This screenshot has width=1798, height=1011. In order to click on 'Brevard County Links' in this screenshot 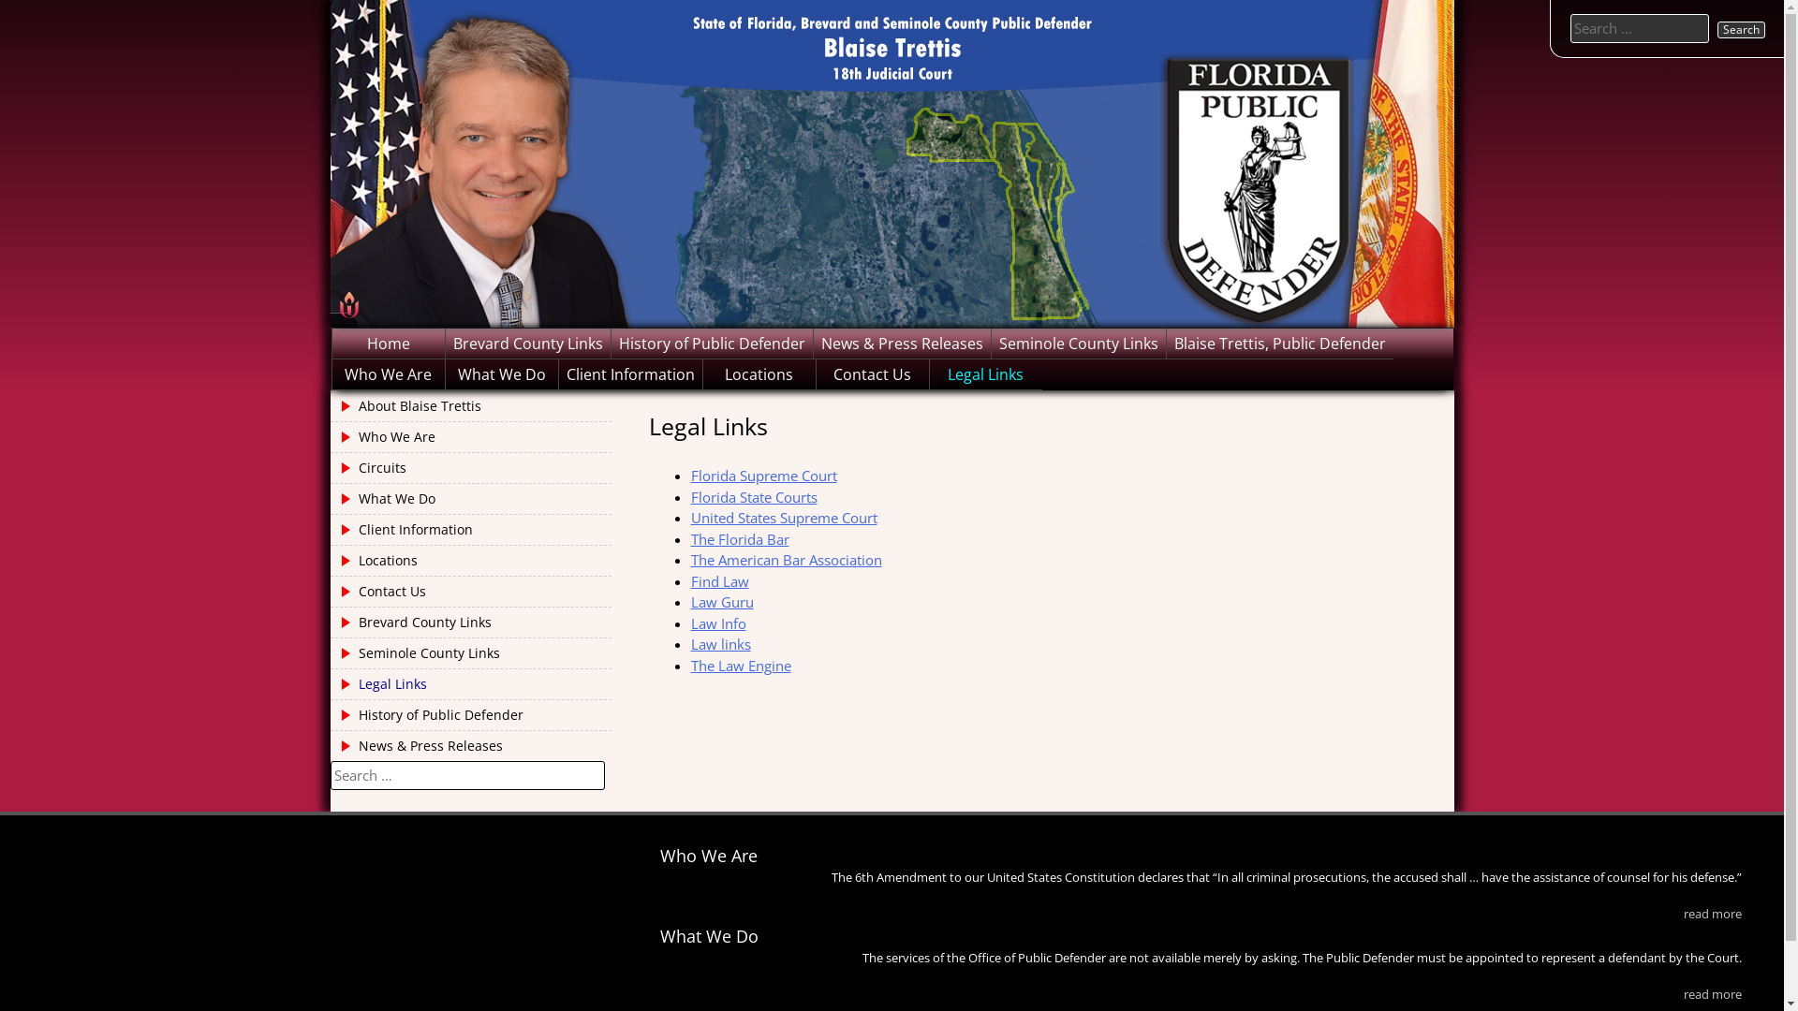, I will do `click(470, 622)`.